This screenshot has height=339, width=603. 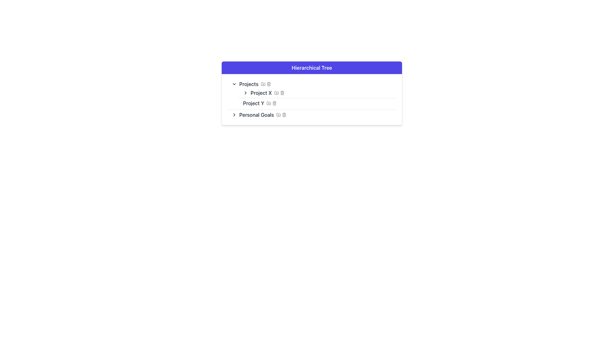 I want to click on the icon group consisting of a folder with a plus symbol and a trash can, located to the right of the 'Project X' label, so click(x=279, y=93).